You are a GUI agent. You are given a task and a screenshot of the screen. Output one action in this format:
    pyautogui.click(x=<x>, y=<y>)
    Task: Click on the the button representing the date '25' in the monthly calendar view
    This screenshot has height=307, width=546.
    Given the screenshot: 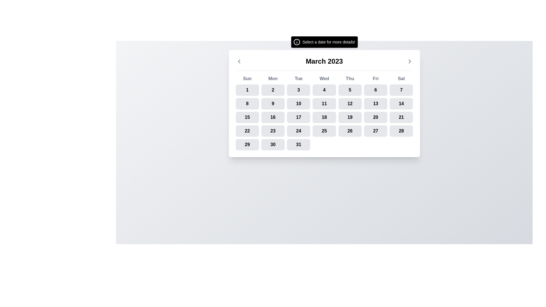 What is the action you would take?
    pyautogui.click(x=324, y=131)
    